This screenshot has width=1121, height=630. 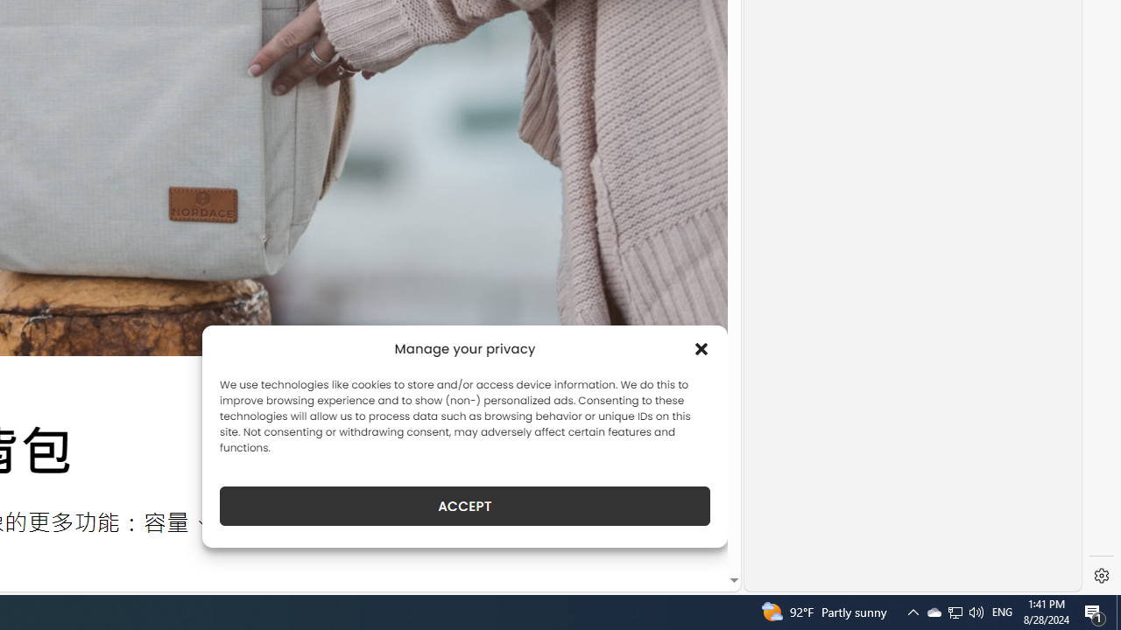 I want to click on 'Settings', so click(x=1101, y=576).